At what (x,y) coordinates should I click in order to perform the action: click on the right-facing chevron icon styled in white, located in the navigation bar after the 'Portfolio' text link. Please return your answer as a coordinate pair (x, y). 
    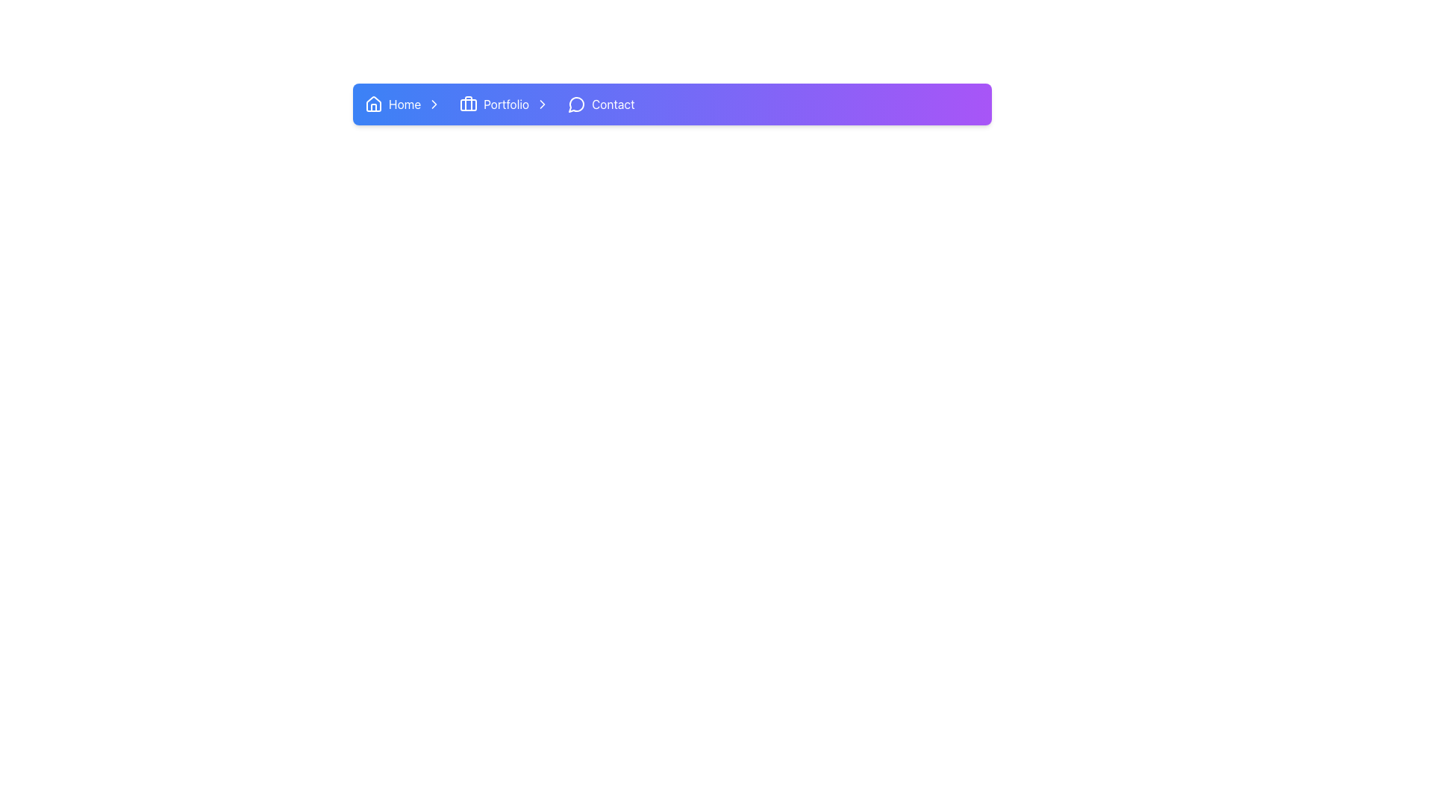
    Looking at the image, I should click on (542, 103).